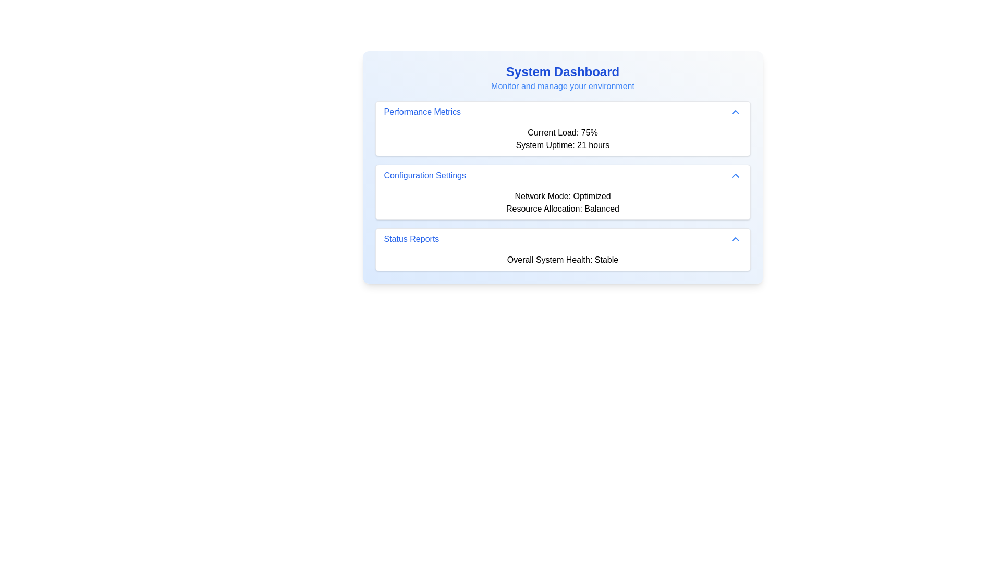 The width and height of the screenshot is (1001, 563). What do you see at coordinates (735, 112) in the screenshot?
I see `the icon located on the right edge of the 'Performance Metrics' header` at bounding box center [735, 112].